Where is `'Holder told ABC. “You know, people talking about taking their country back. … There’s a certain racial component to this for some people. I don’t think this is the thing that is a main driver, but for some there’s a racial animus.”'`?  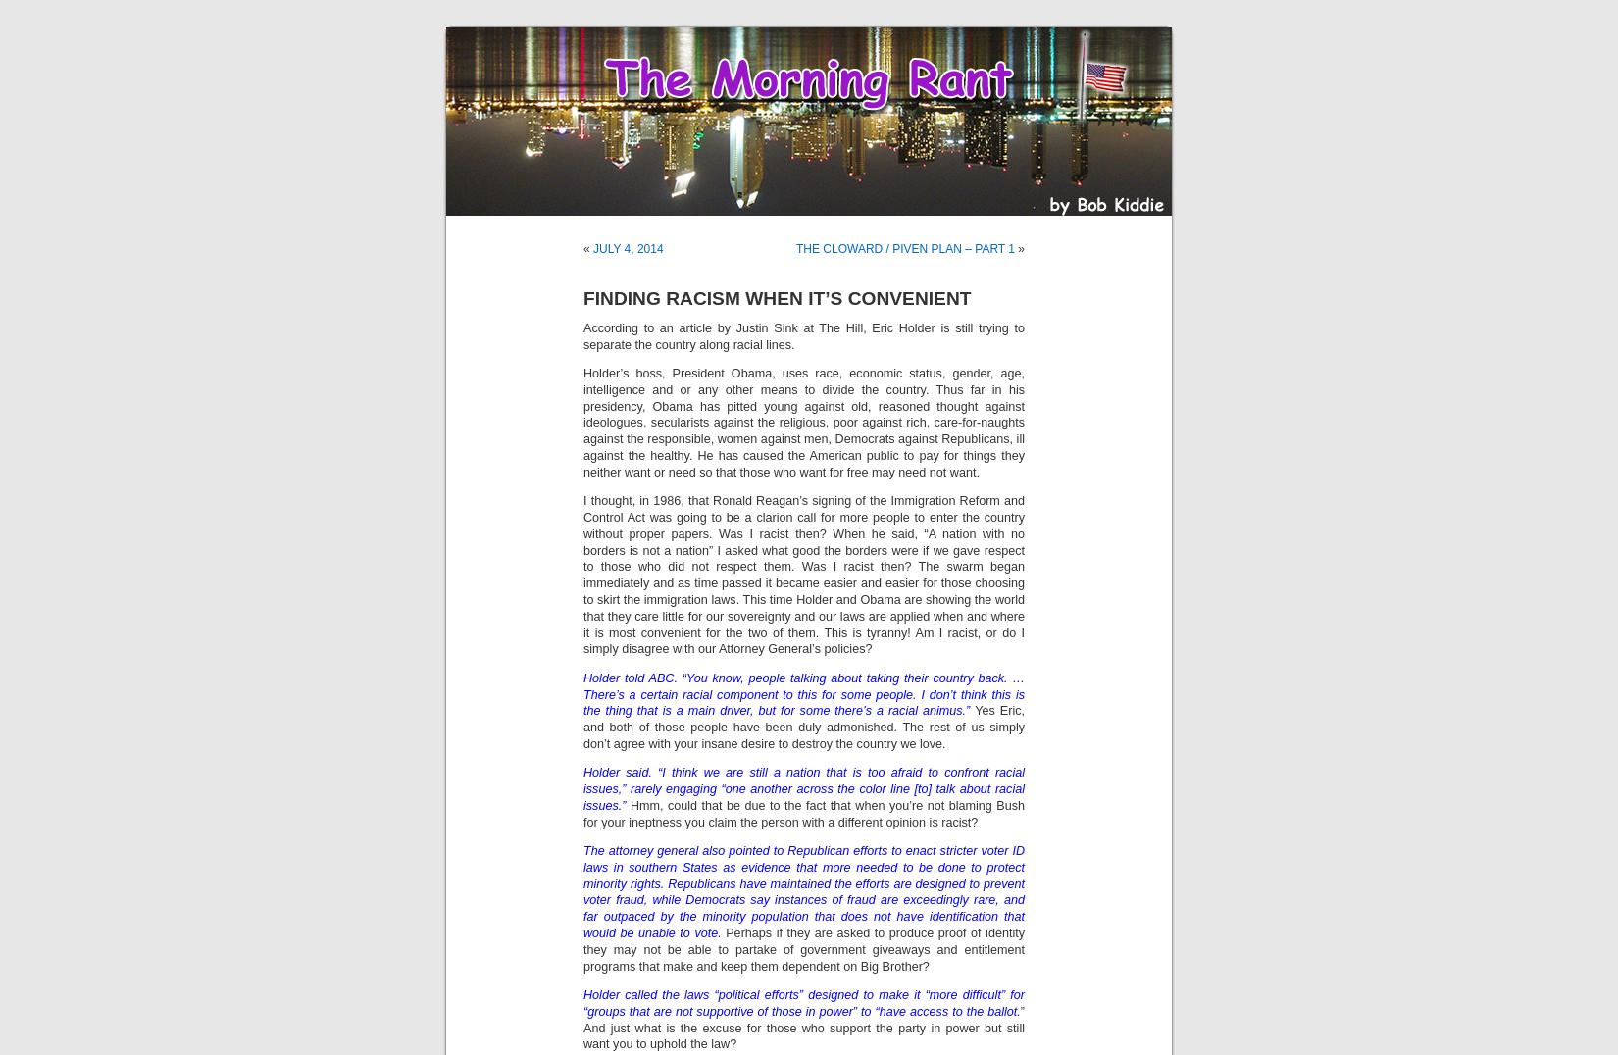 'Holder told ABC. “You know, people talking about taking their country back. … There’s a certain racial component to this for some people. I don’t think this is the thing that is a main driver, but for some there’s a racial animus.”' is located at coordinates (803, 694).